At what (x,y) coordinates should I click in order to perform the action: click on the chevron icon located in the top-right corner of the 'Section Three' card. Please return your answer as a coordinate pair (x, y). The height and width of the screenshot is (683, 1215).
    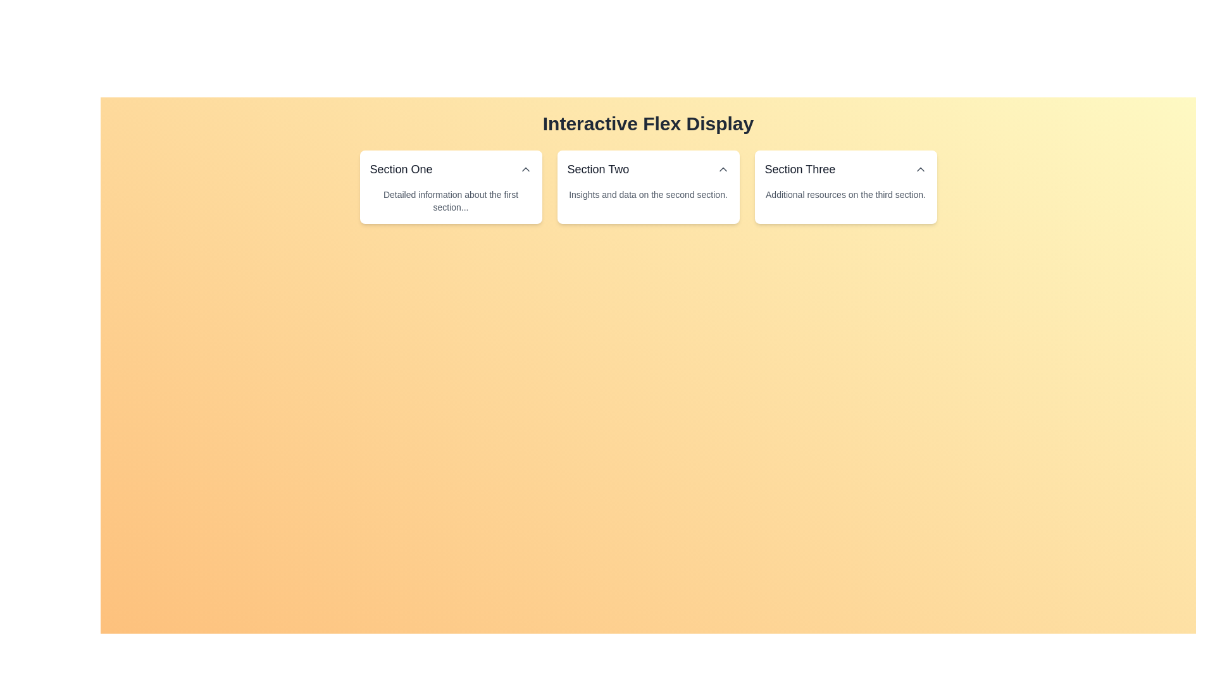
    Looking at the image, I should click on (920, 168).